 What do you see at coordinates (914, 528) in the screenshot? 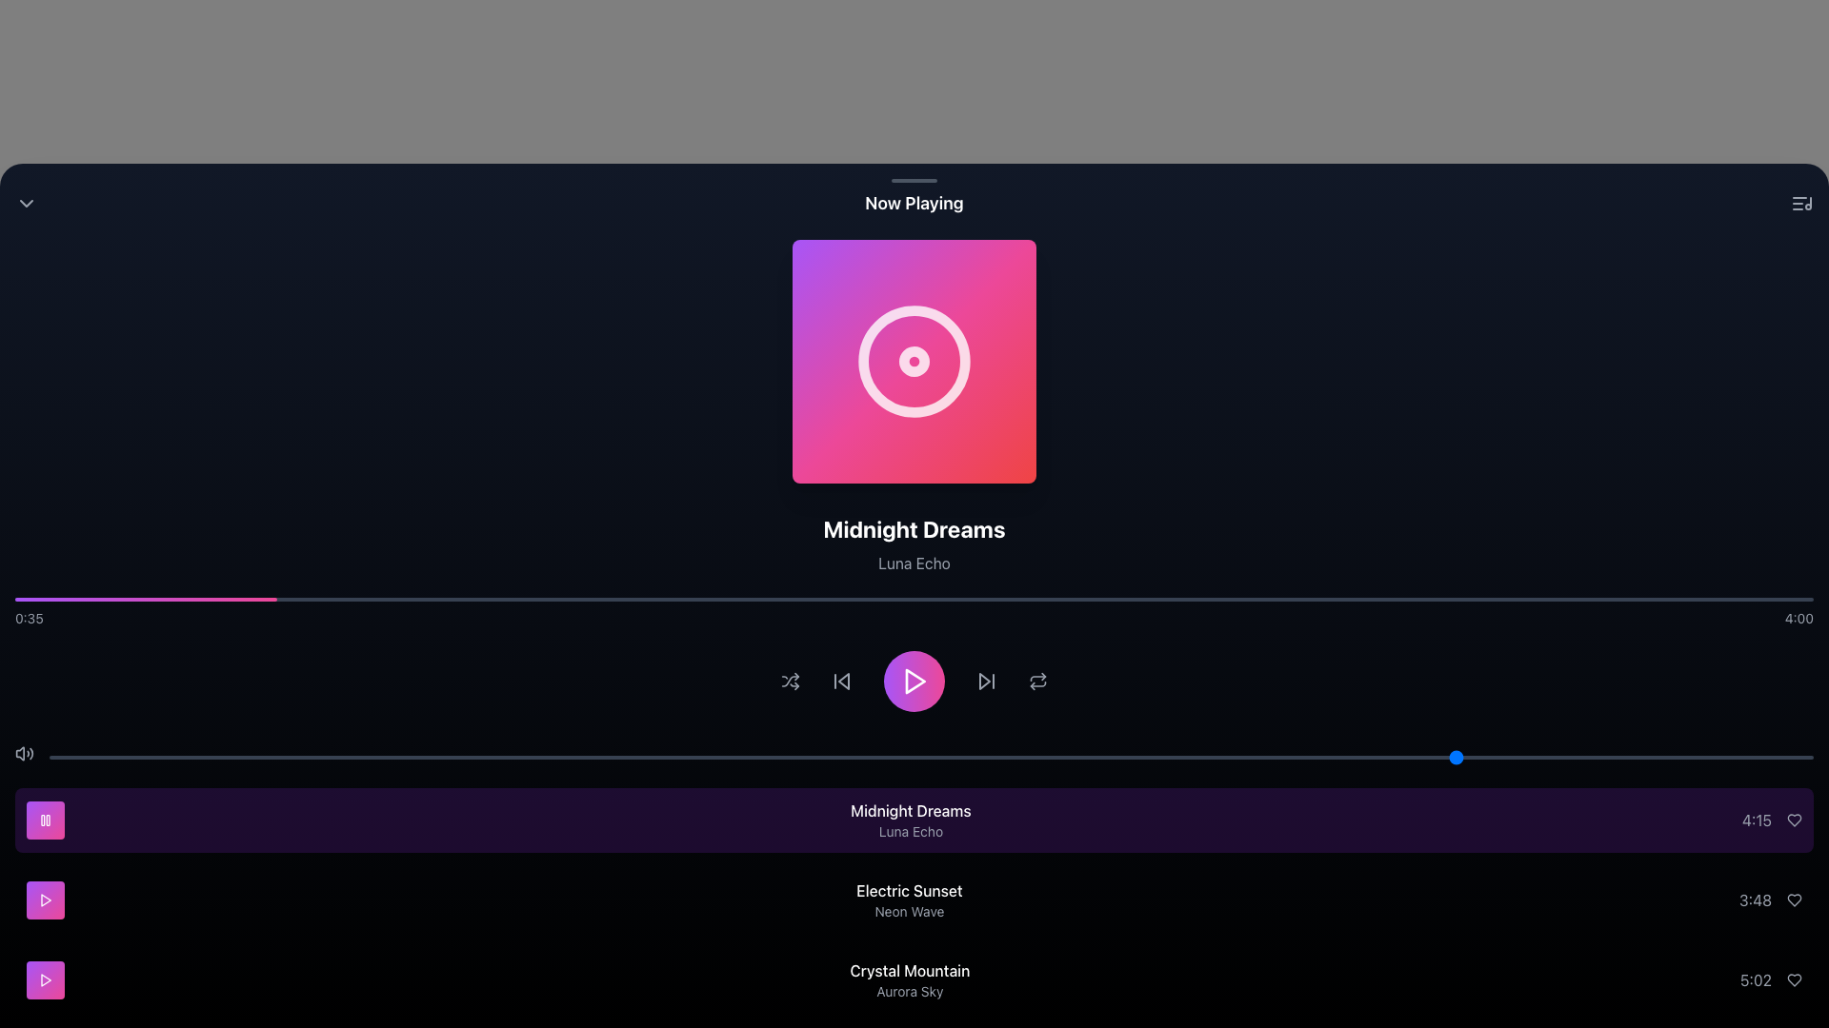
I see `the text label 'Midnight Dreams', which is styled in a bold and large white font, centrally positioned in the upper middle of the interface` at bounding box center [914, 528].